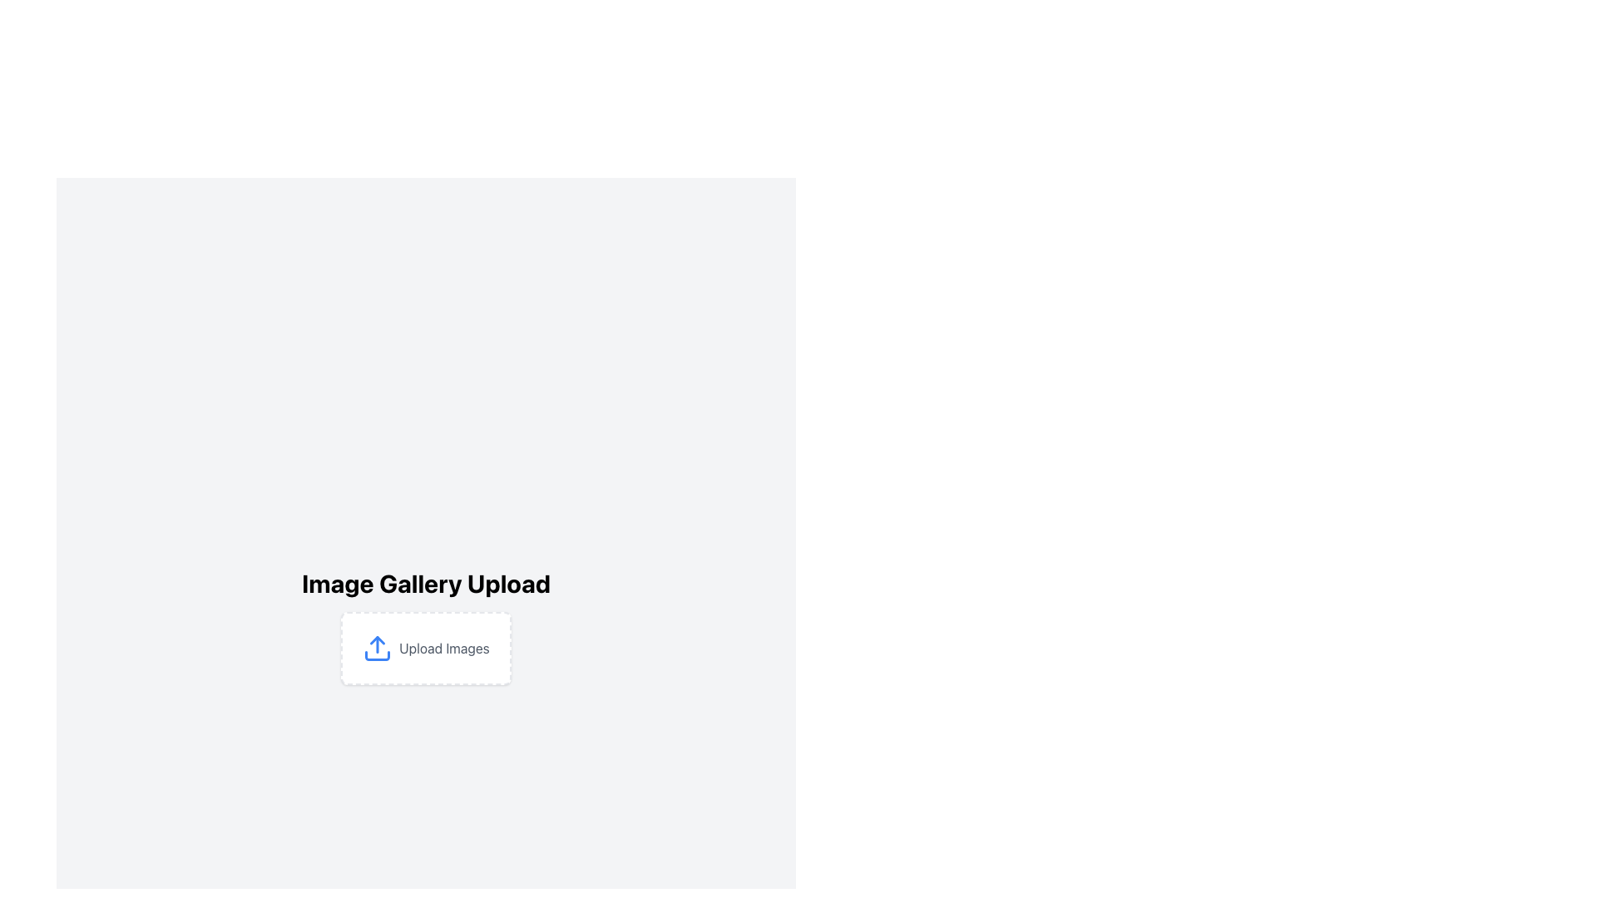 The width and height of the screenshot is (1597, 898). I want to click on the tray icon located at the bottom of the 'Upload Images' button, which features an upward arrow above it, so click(377, 655).